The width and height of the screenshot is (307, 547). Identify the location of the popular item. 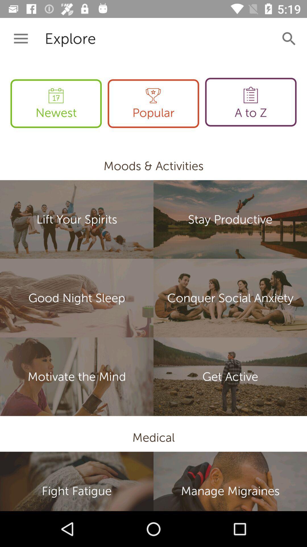
(153, 103).